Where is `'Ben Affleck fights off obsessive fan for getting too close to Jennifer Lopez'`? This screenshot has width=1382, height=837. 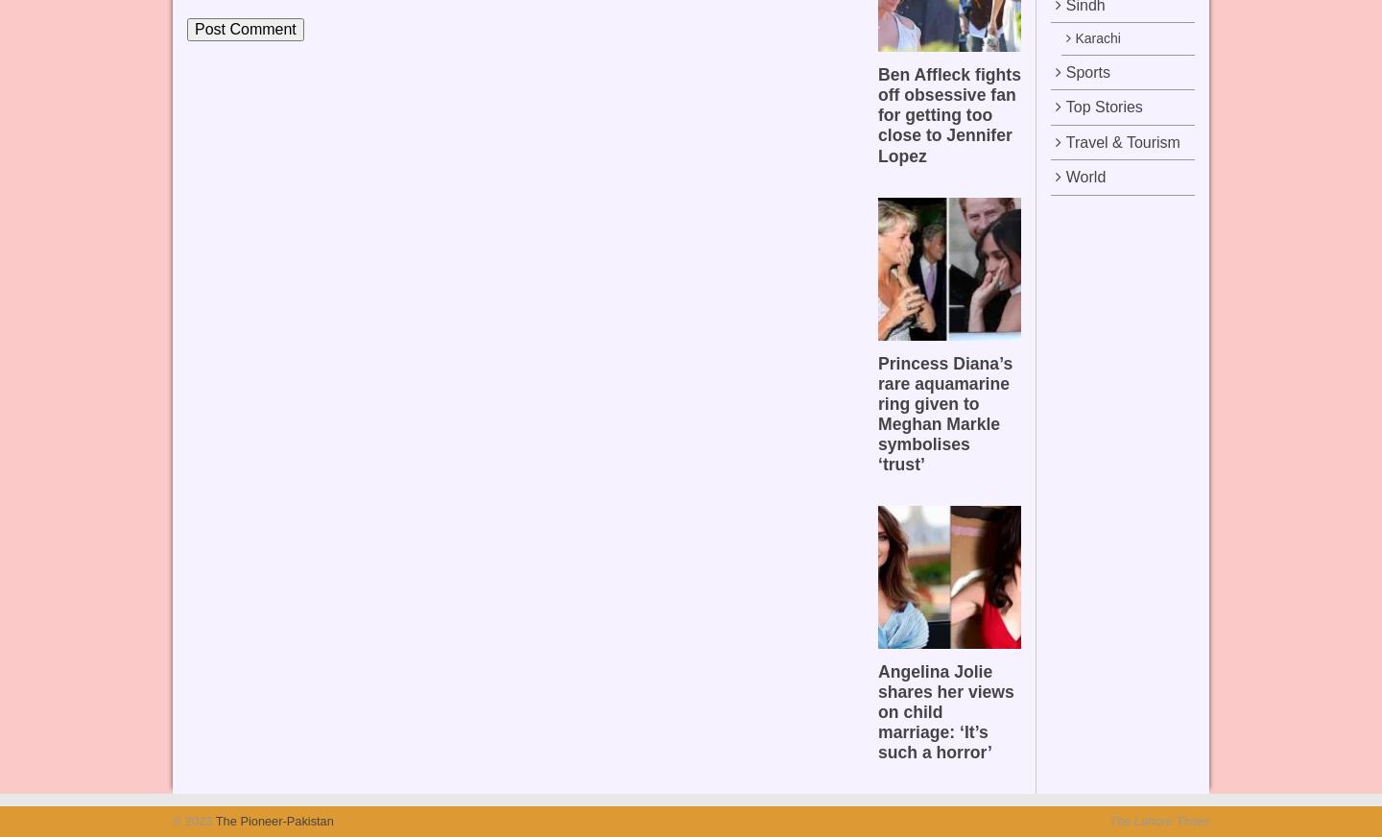
'Ben Affleck fights off obsessive fan for getting too close to Jennifer Lopez' is located at coordinates (947, 114).